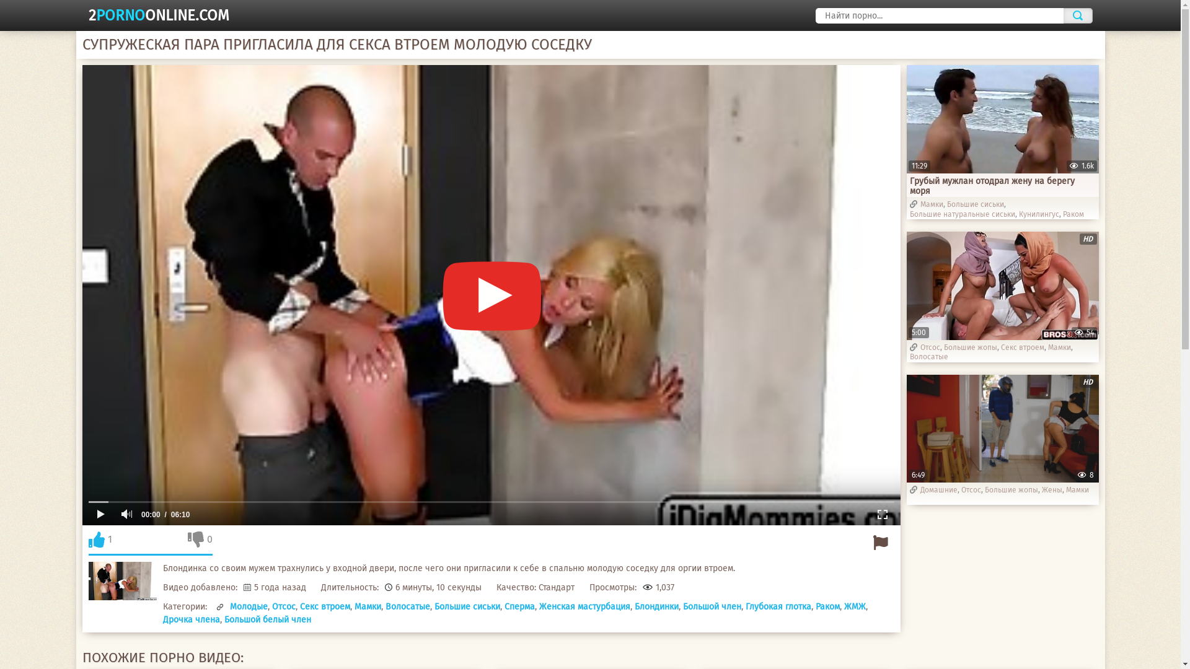  What do you see at coordinates (1002, 427) in the screenshot?
I see `'HD` at bounding box center [1002, 427].